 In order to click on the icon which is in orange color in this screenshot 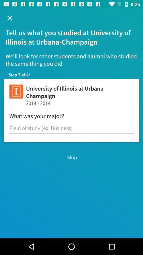, I will do `click(16, 91)`.